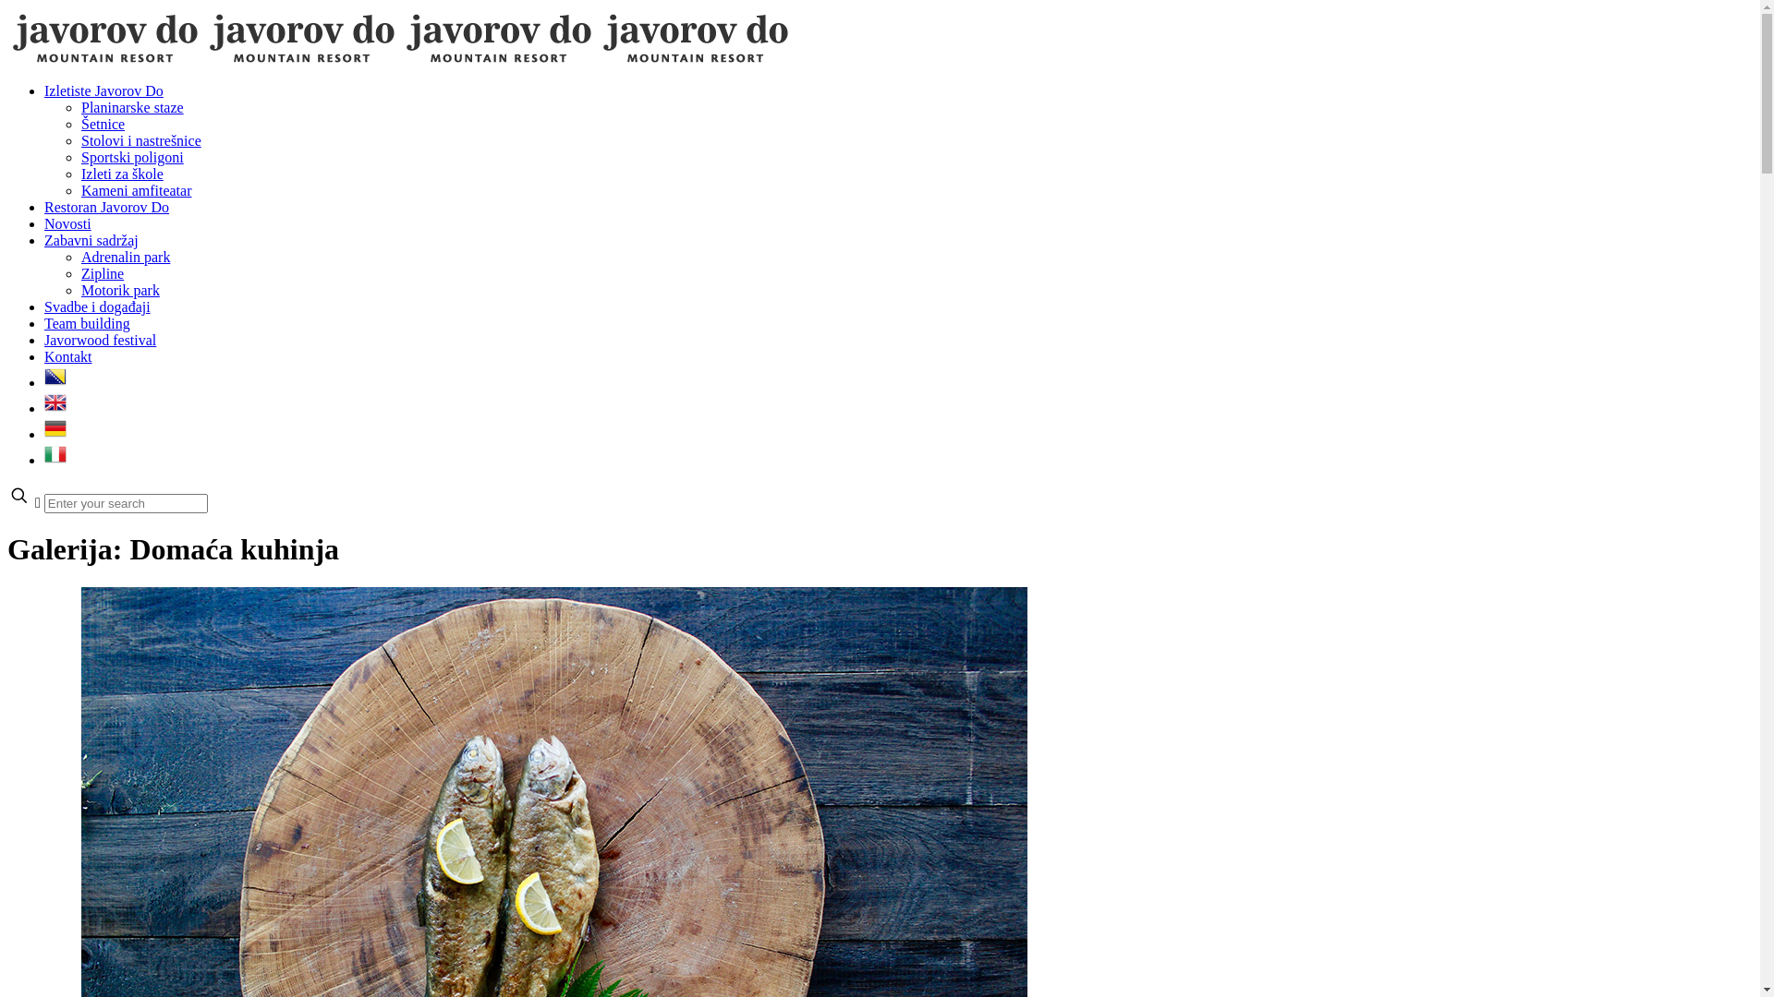  What do you see at coordinates (136, 190) in the screenshot?
I see `'Kameni amfiteatar'` at bounding box center [136, 190].